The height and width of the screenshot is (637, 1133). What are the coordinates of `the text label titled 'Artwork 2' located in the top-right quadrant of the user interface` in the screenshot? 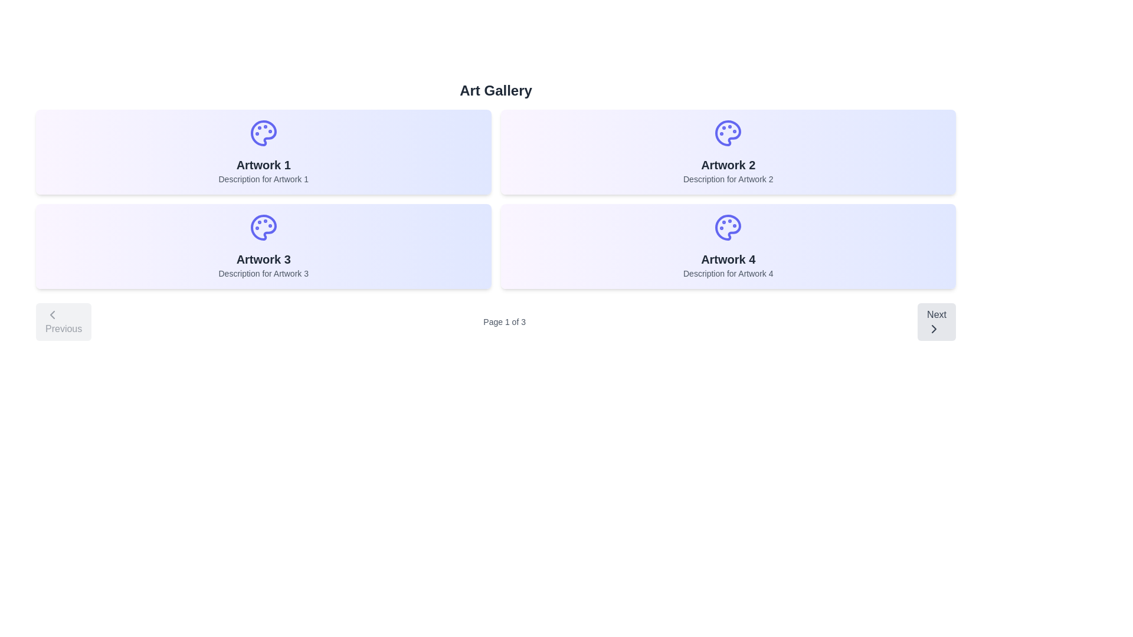 It's located at (728, 165).